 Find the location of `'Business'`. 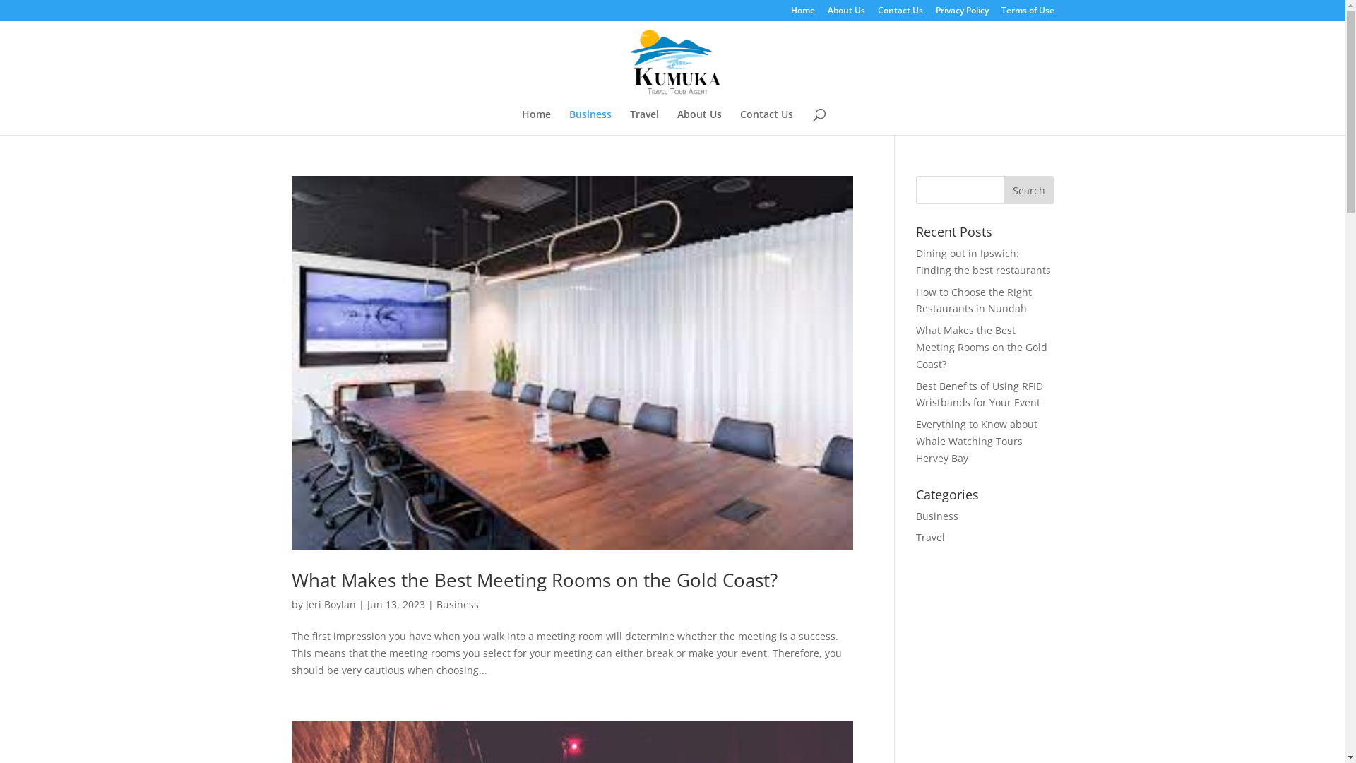

'Business' is located at coordinates (436, 604).